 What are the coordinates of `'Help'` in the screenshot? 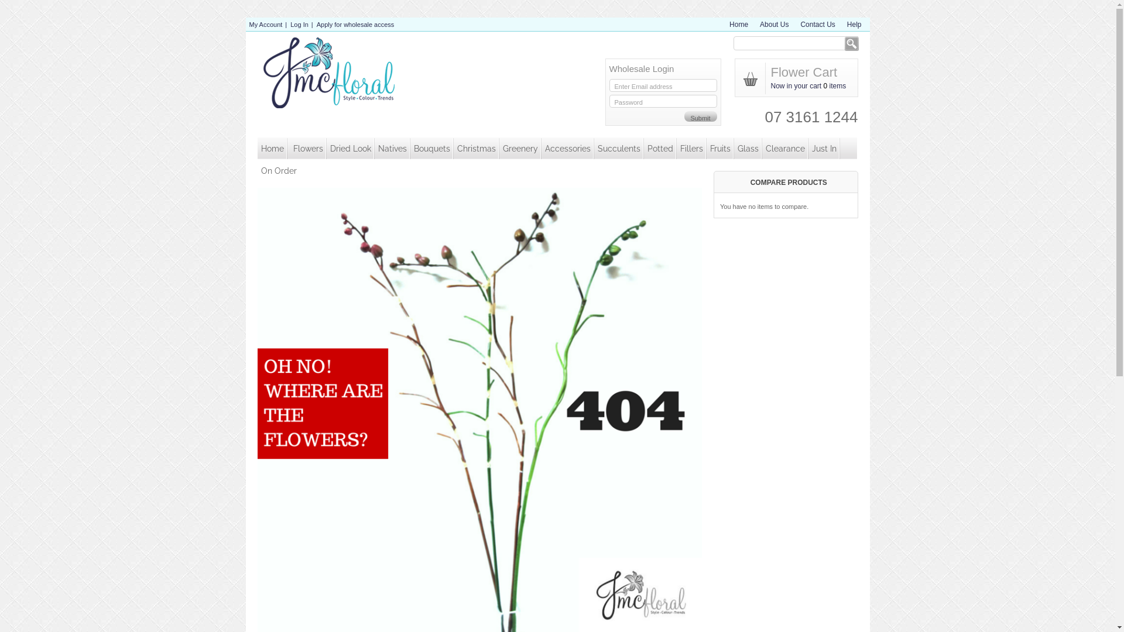 It's located at (858, 25).